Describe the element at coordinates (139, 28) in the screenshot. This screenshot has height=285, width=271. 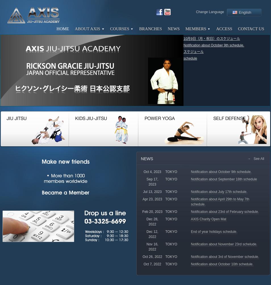
I see `'Branches'` at that location.